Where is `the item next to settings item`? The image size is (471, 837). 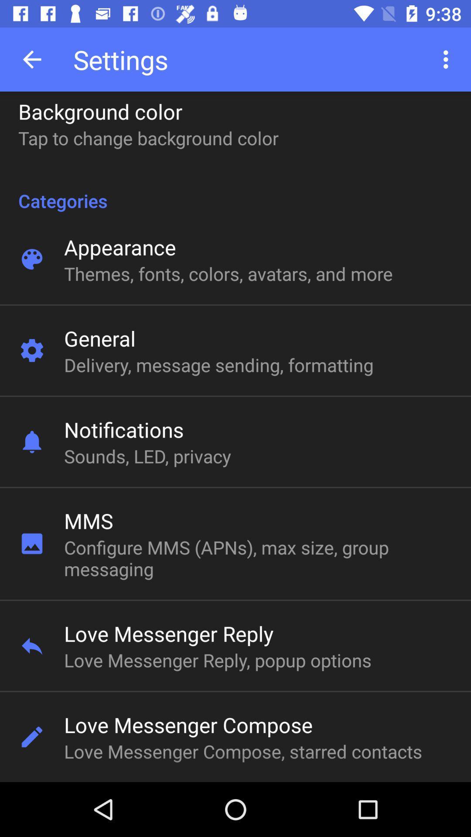
the item next to settings item is located at coordinates (31, 59).